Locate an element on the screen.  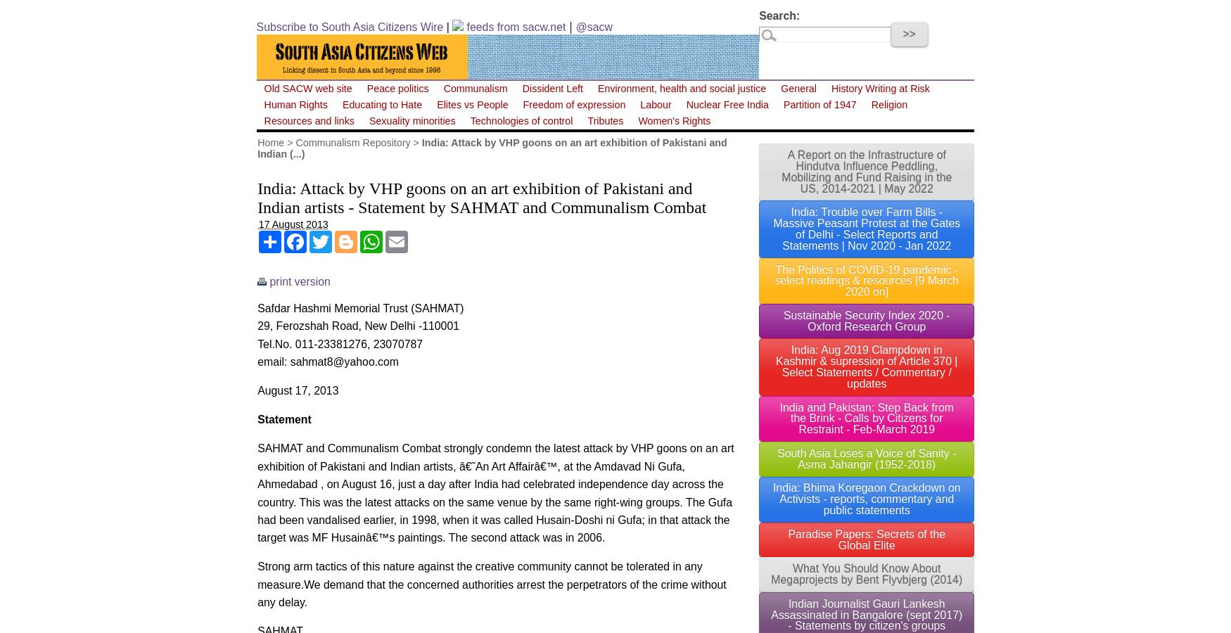
'A Report on the Infrastructure of Hindutva Influence Peddling, Mobilizing and Fund Raising in the US, 2014-2021 | May 2022' is located at coordinates (867, 170).